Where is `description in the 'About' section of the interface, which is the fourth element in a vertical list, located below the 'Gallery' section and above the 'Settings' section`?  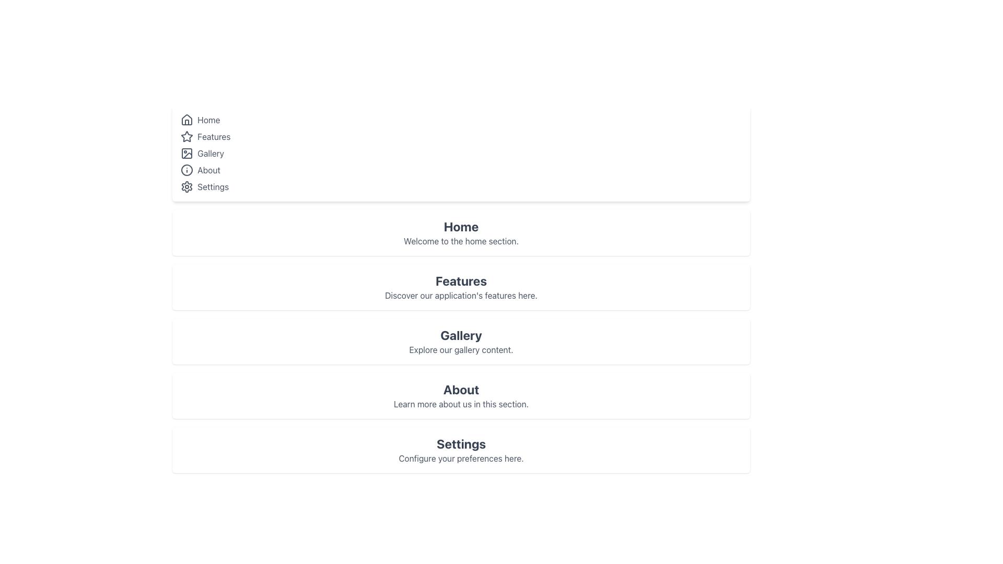
description in the 'About' section of the interface, which is the fourth element in a vertical list, located below the 'Gallery' section and above the 'Settings' section is located at coordinates (461, 396).